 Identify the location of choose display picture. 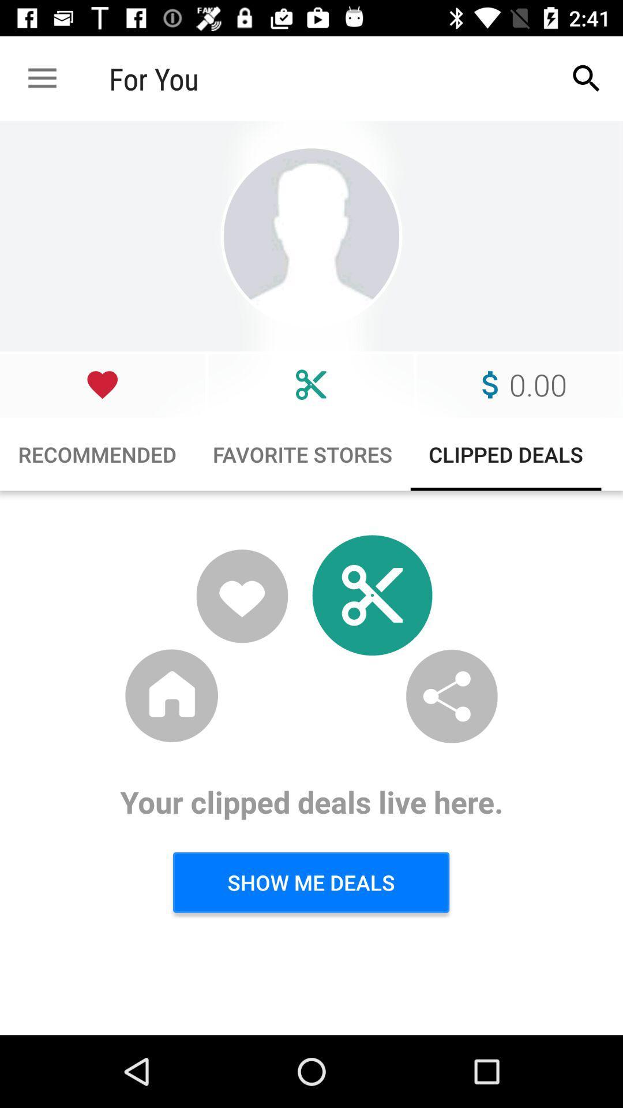
(311, 235).